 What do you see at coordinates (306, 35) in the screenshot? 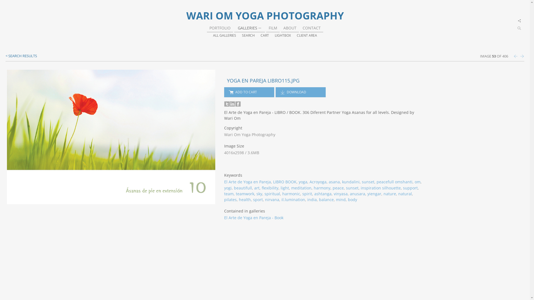
I see `'CLIENT AREA'` at bounding box center [306, 35].